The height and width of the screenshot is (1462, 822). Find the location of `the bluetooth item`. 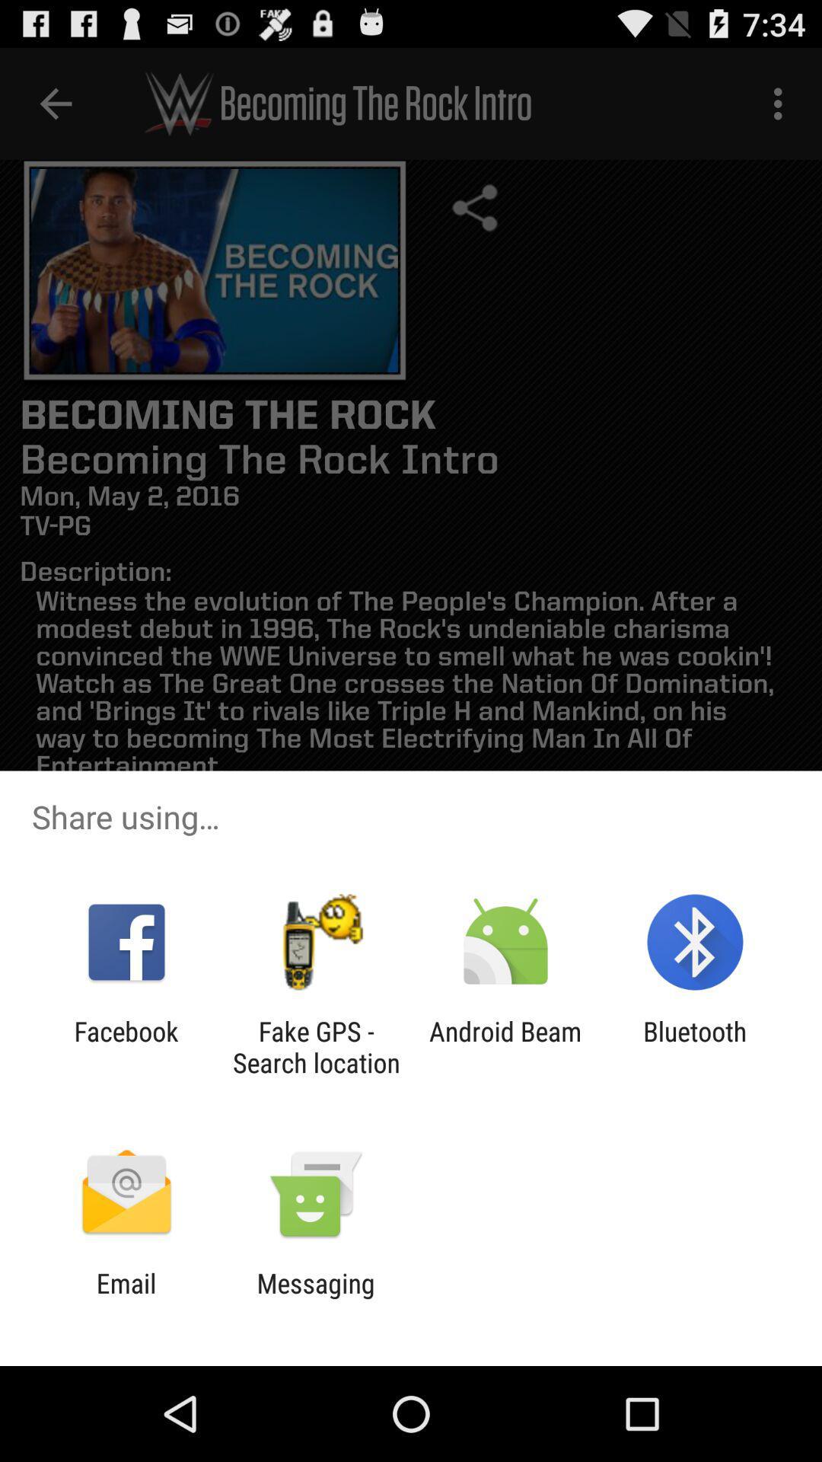

the bluetooth item is located at coordinates (695, 1046).